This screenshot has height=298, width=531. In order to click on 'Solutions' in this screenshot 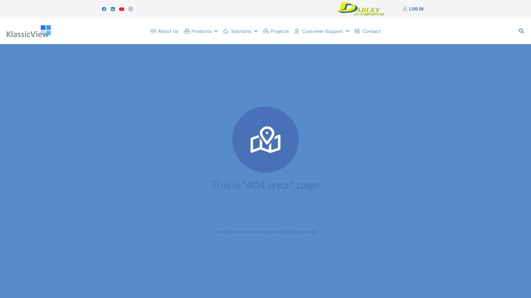, I will do `click(240, 31)`.